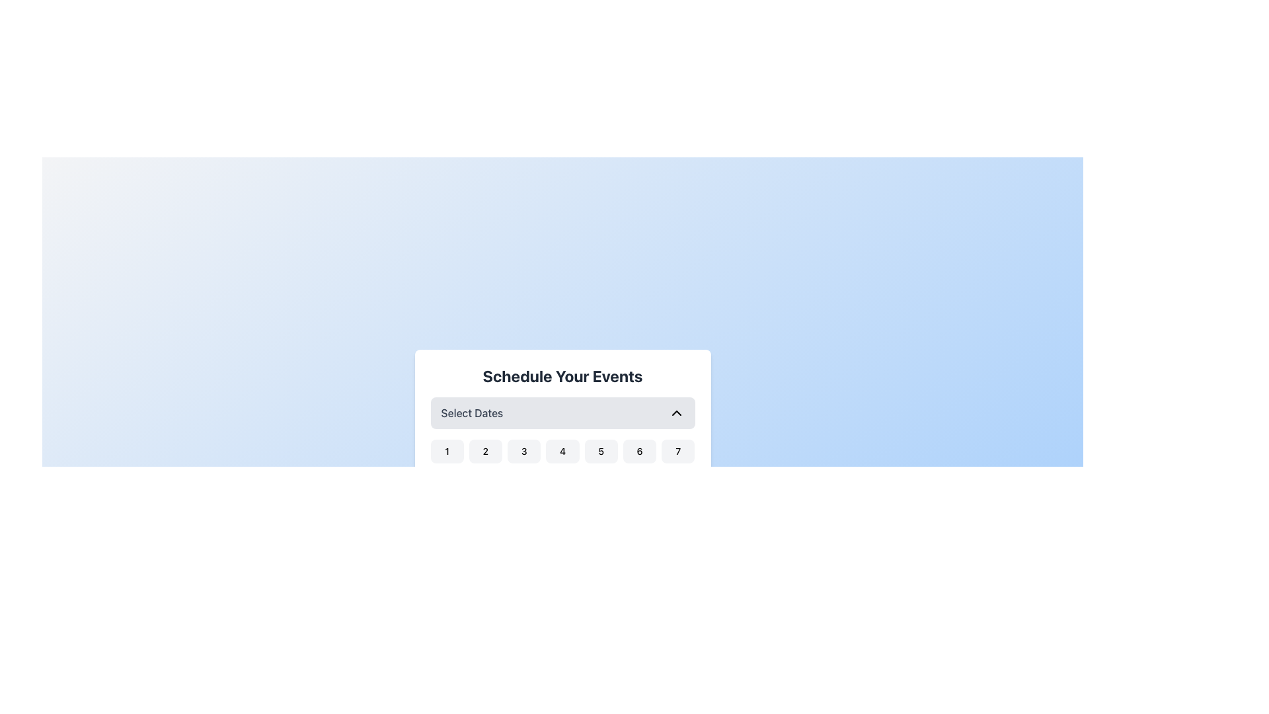  I want to click on the button labeled '3', so click(523, 451).